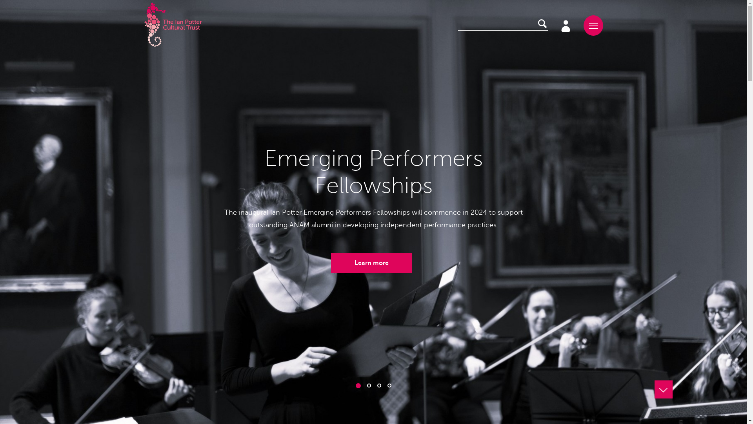 The width and height of the screenshot is (753, 424). I want to click on '3', so click(377, 385).